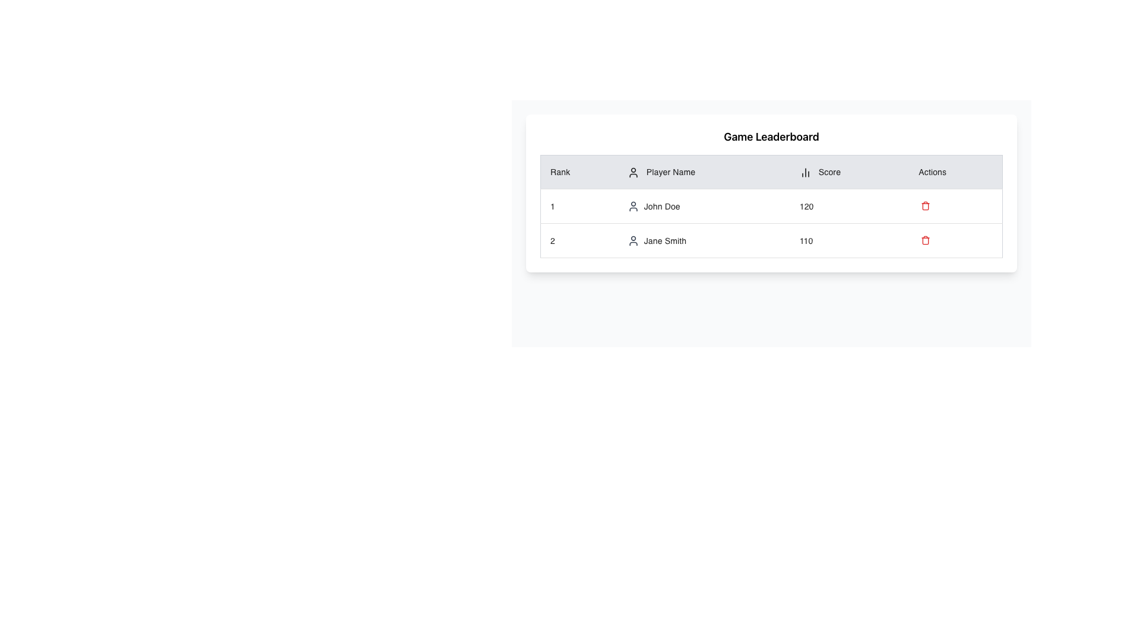 This screenshot has height=641, width=1140. What do you see at coordinates (632, 205) in the screenshot?
I see `the decorative icon representing 'John Doe' in the leaderboard table, located to the left of the name` at bounding box center [632, 205].